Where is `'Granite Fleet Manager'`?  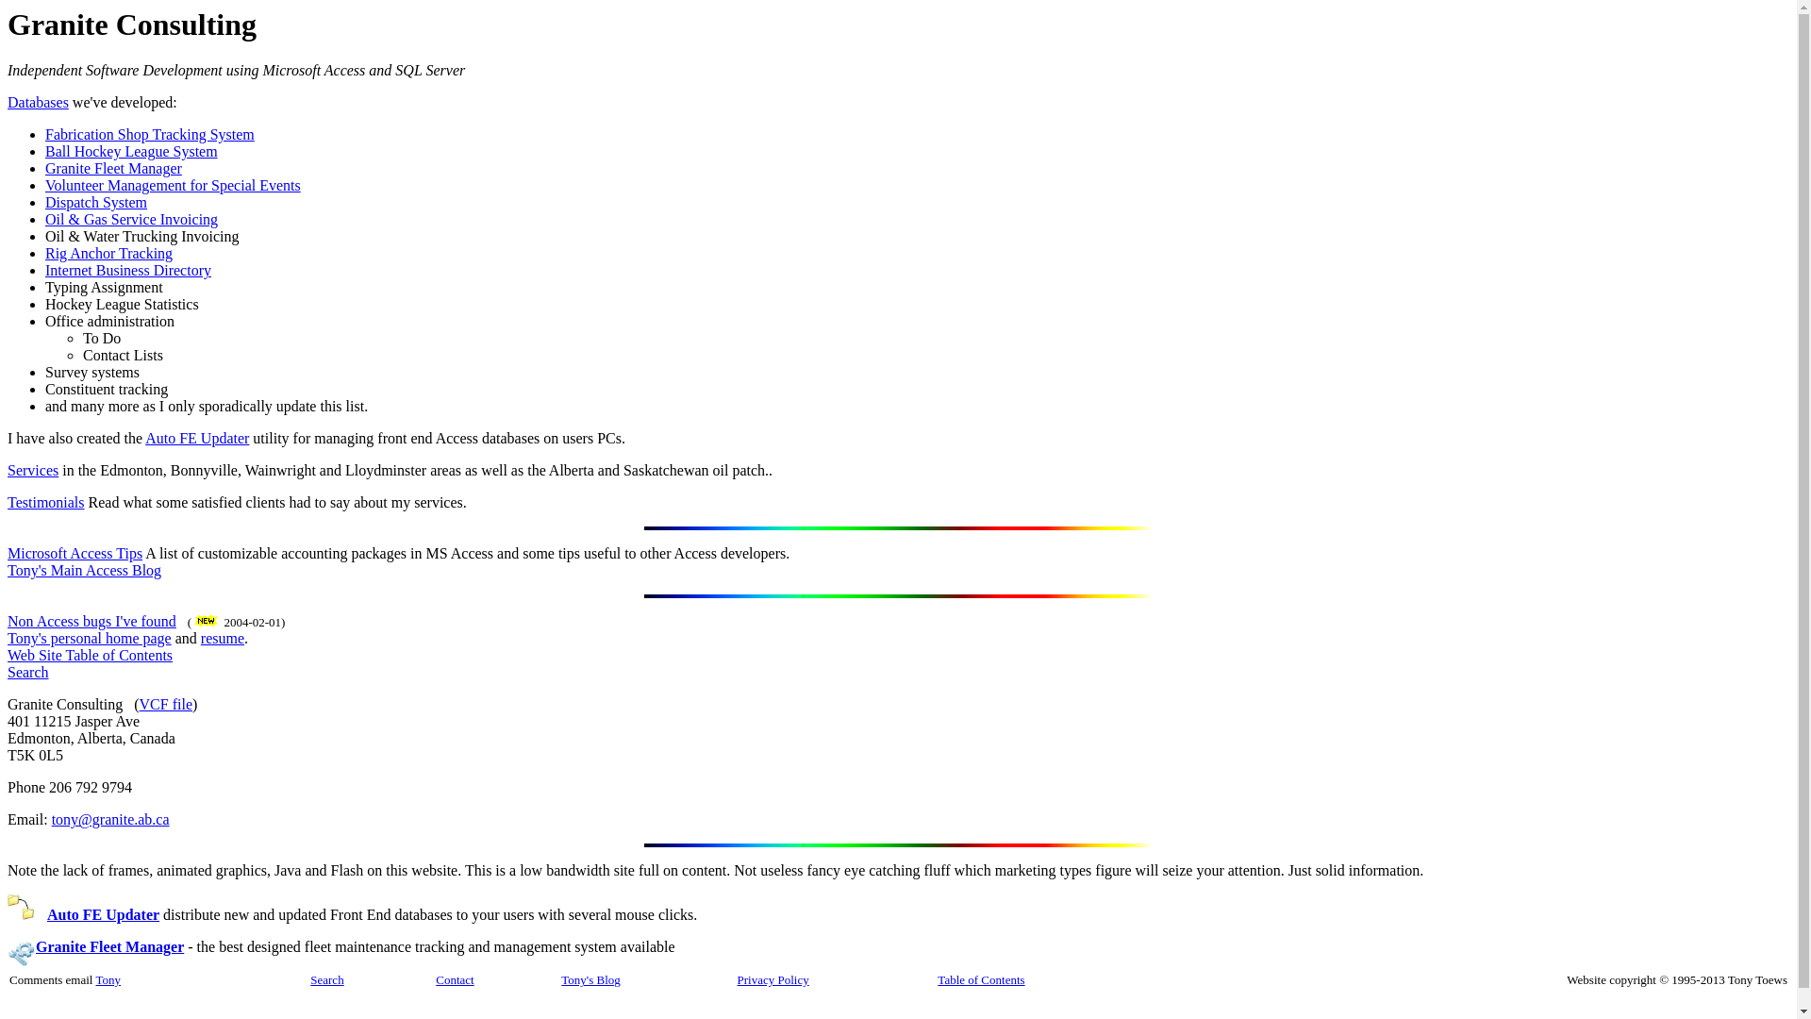 'Granite Fleet Manager' is located at coordinates (112, 167).